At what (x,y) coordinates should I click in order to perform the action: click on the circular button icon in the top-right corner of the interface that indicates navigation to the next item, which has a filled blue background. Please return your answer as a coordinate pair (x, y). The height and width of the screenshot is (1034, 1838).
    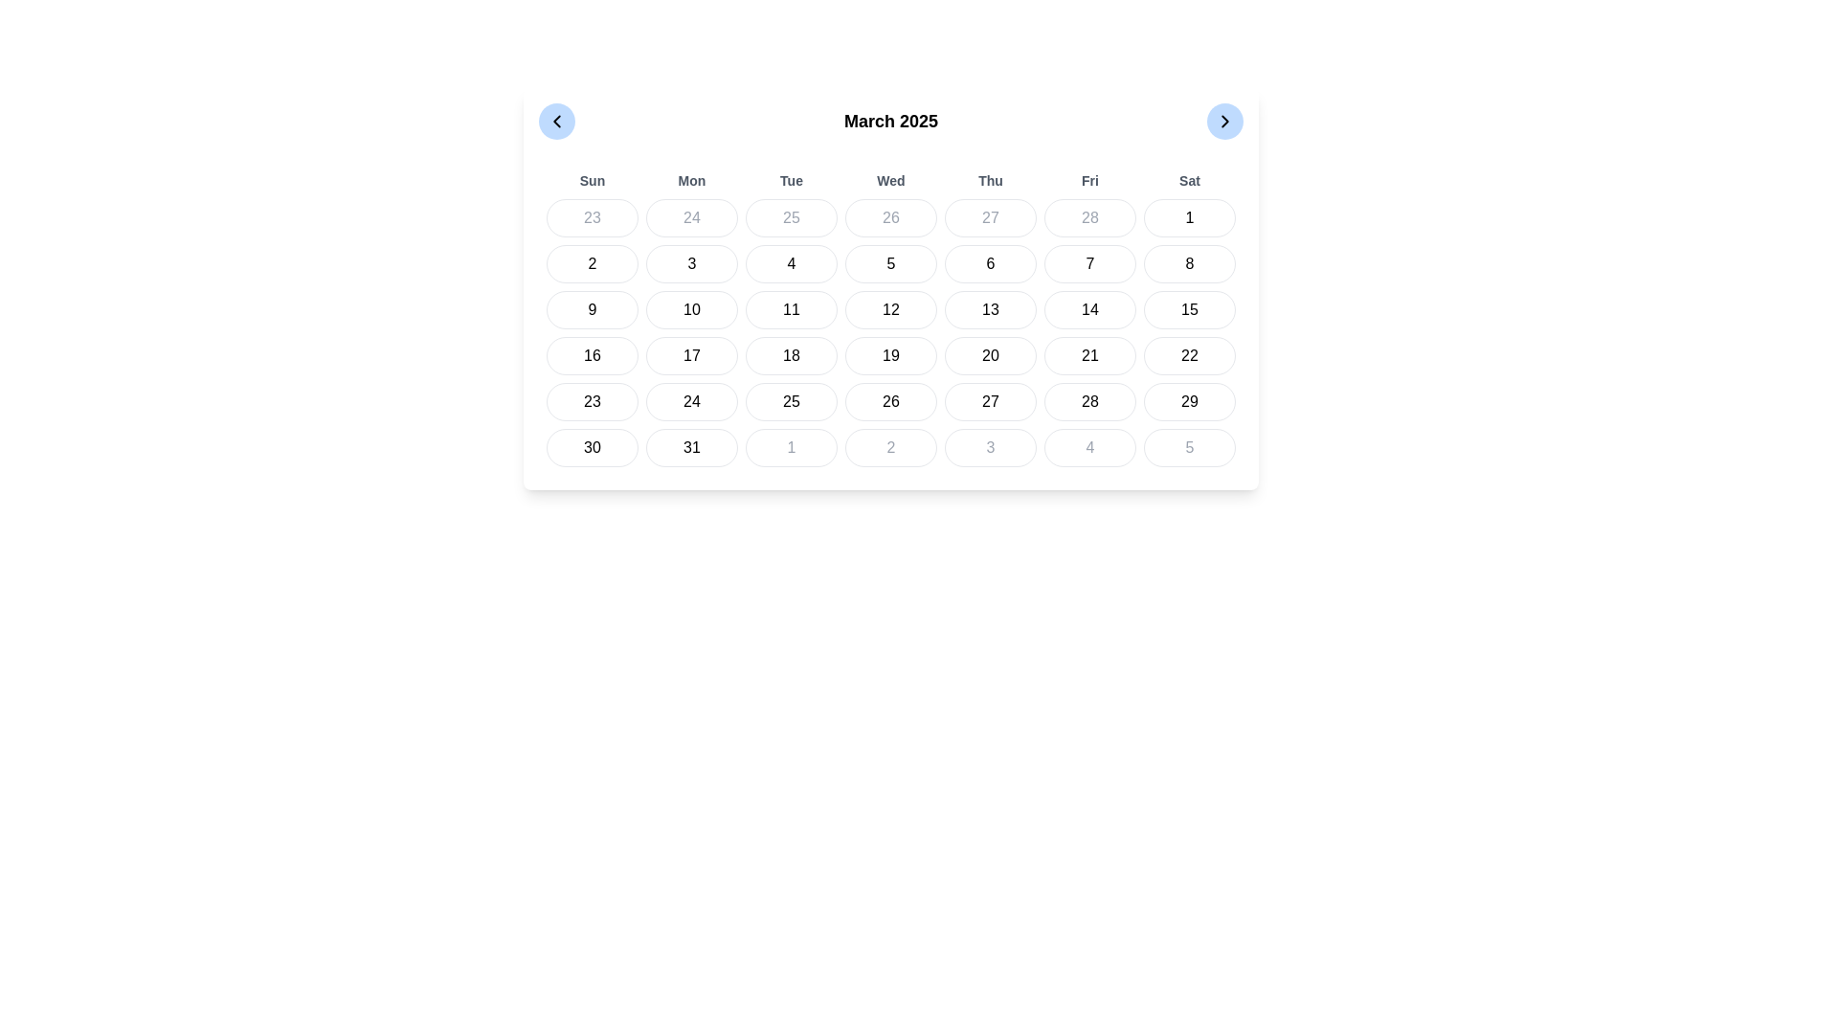
    Looking at the image, I should click on (1225, 122).